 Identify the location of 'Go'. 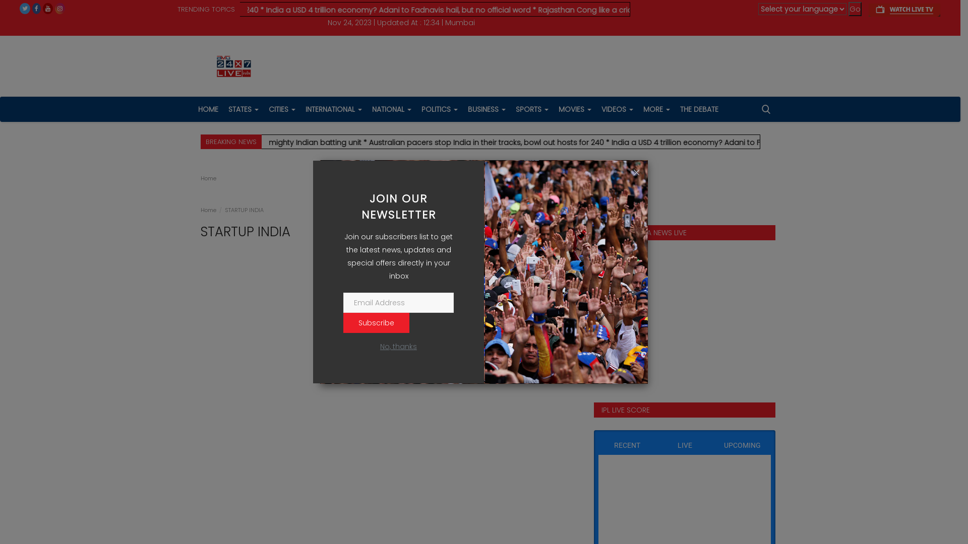
(854, 9).